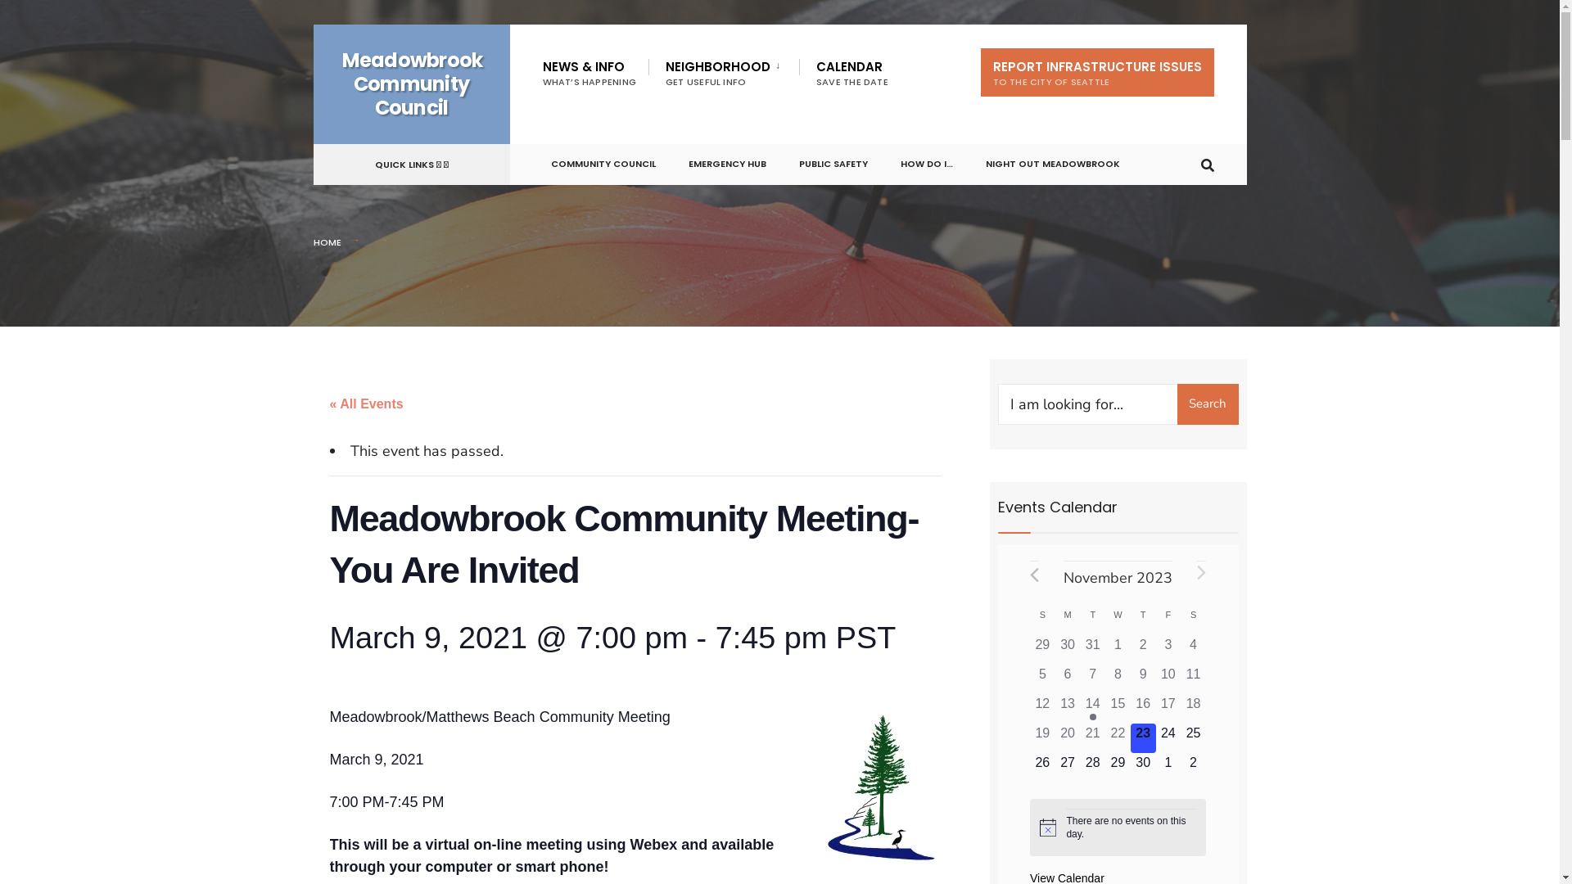  I want to click on '0 events,, so click(1041, 708).